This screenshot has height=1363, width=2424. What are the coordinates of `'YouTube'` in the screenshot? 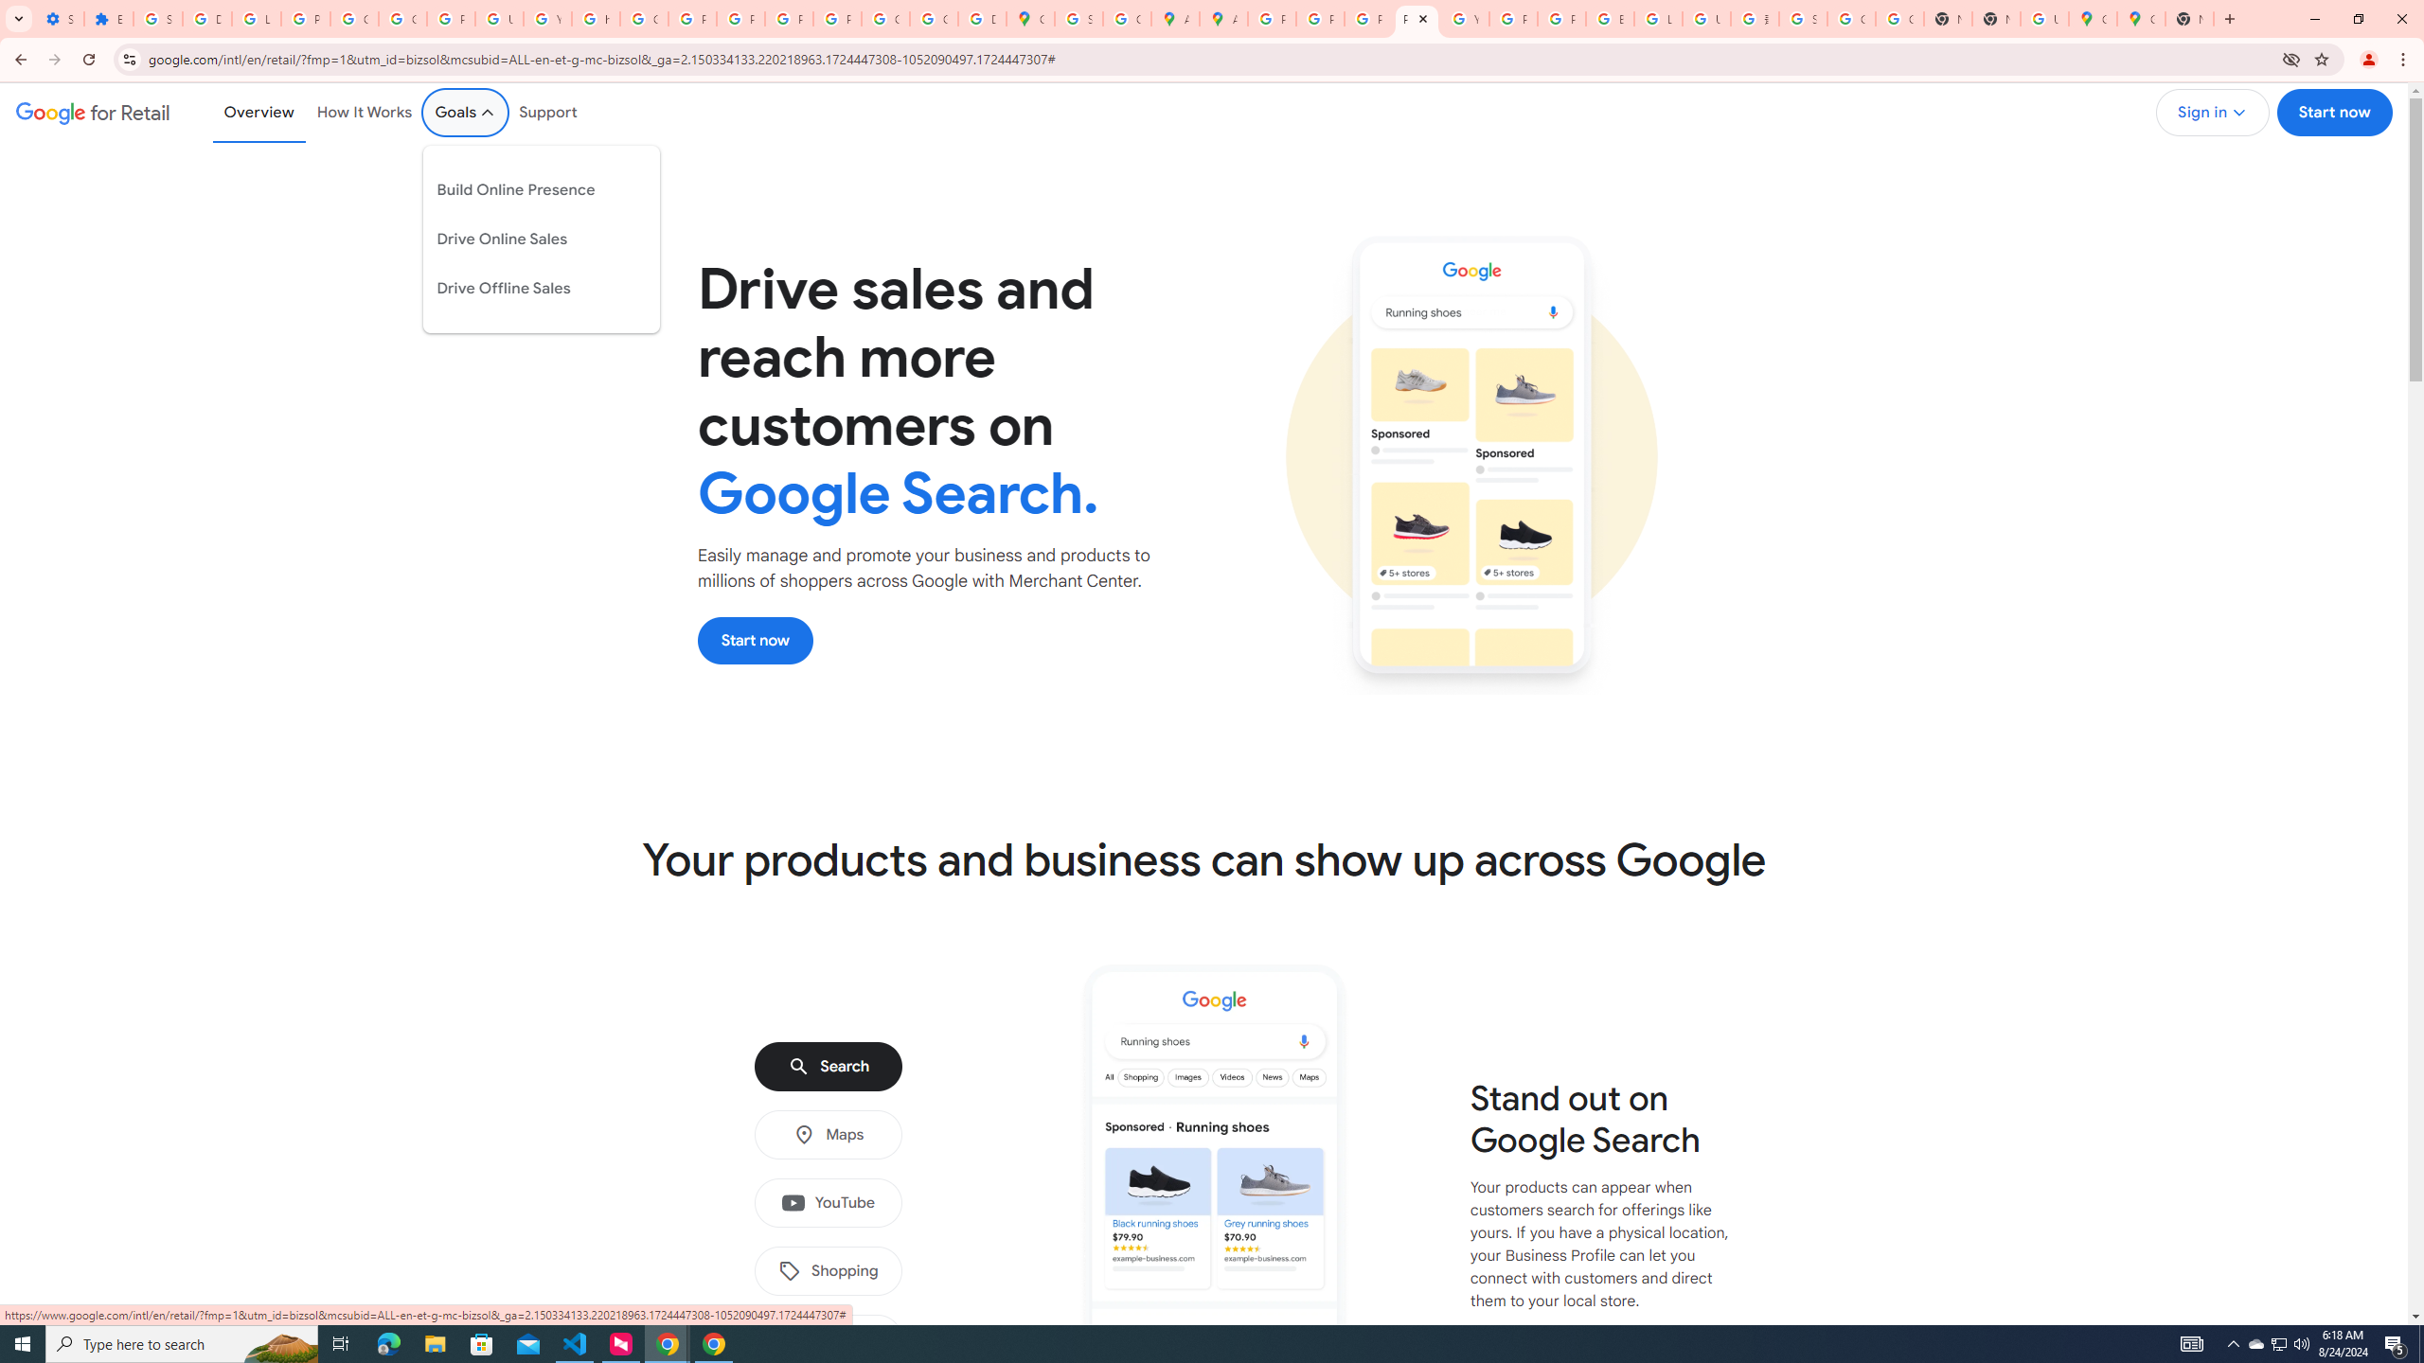 It's located at (827, 1203).